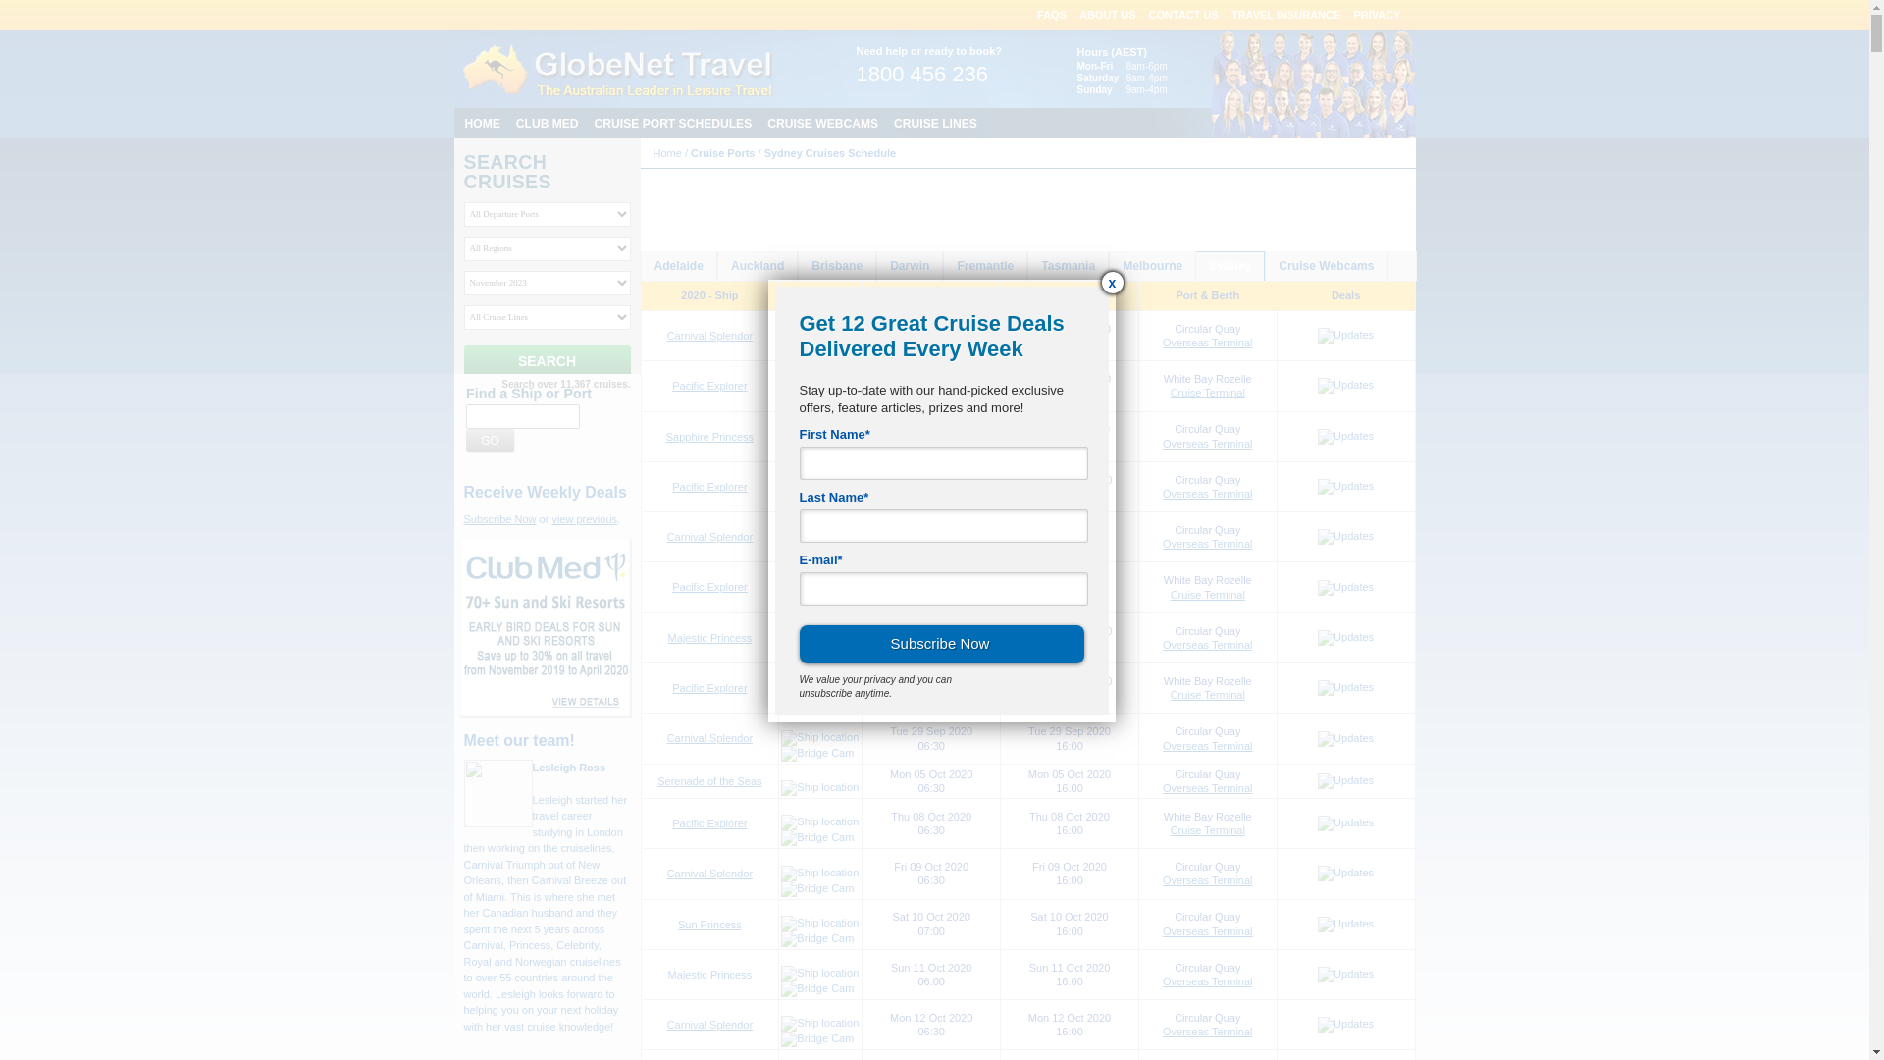 Image resolution: width=1884 pixels, height=1060 pixels. I want to click on 'Last Name', so click(942, 525).